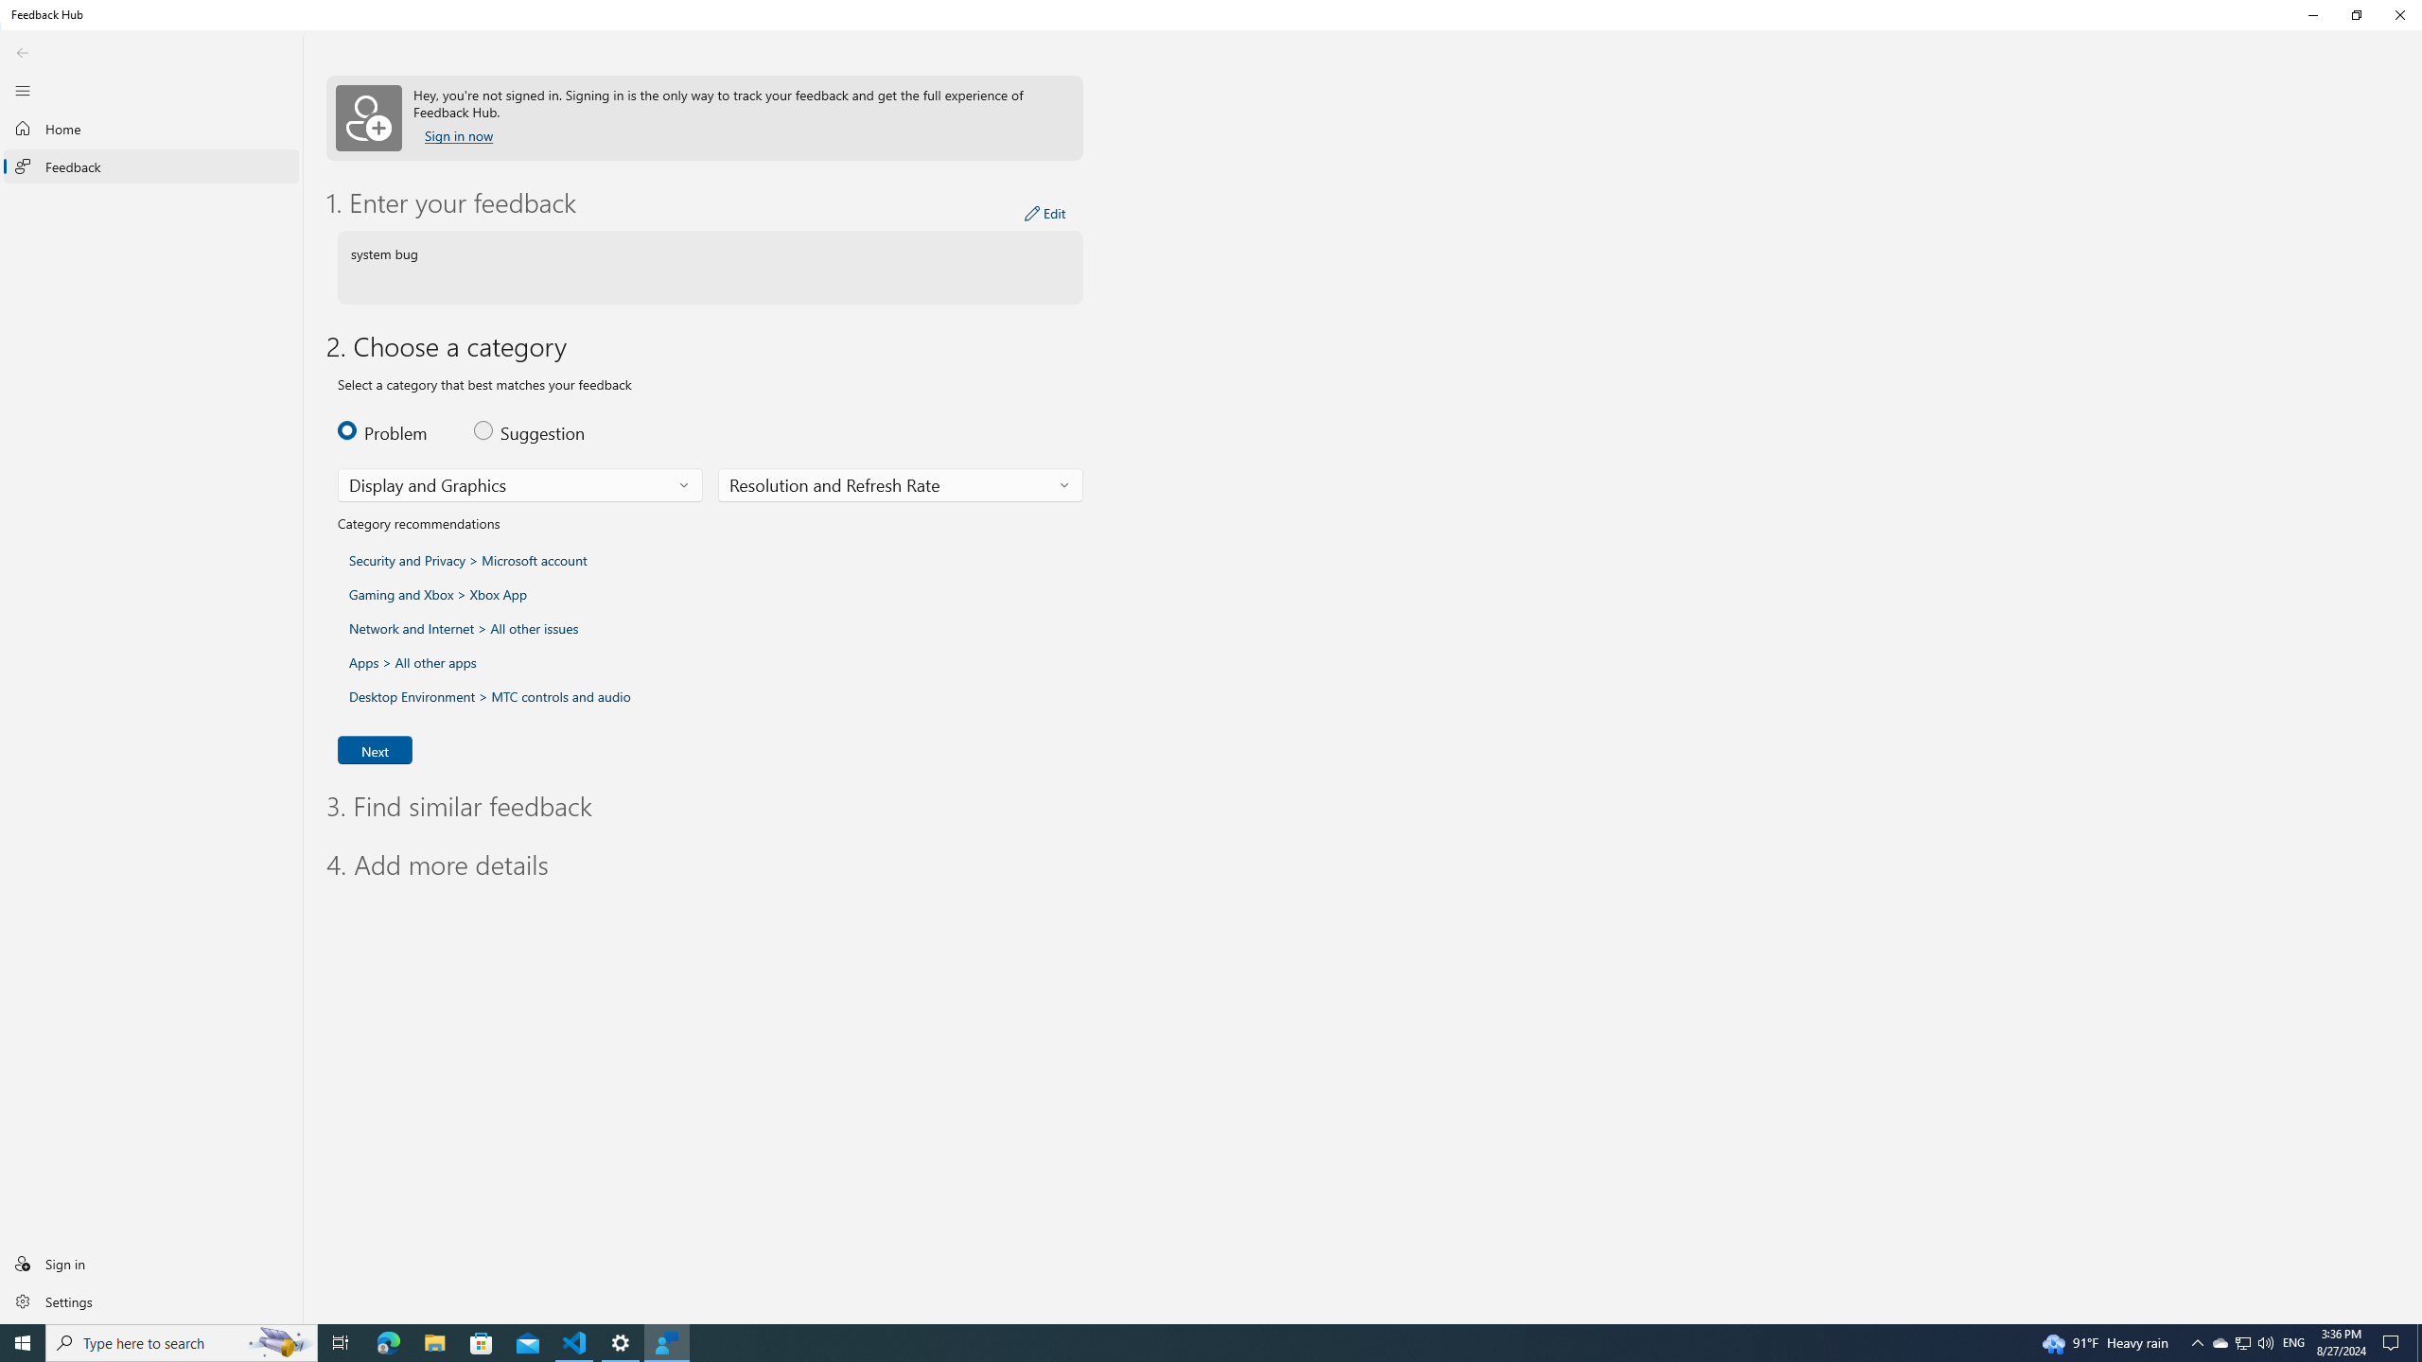  I want to click on 'Q2790: 100%', so click(2264, 1341).